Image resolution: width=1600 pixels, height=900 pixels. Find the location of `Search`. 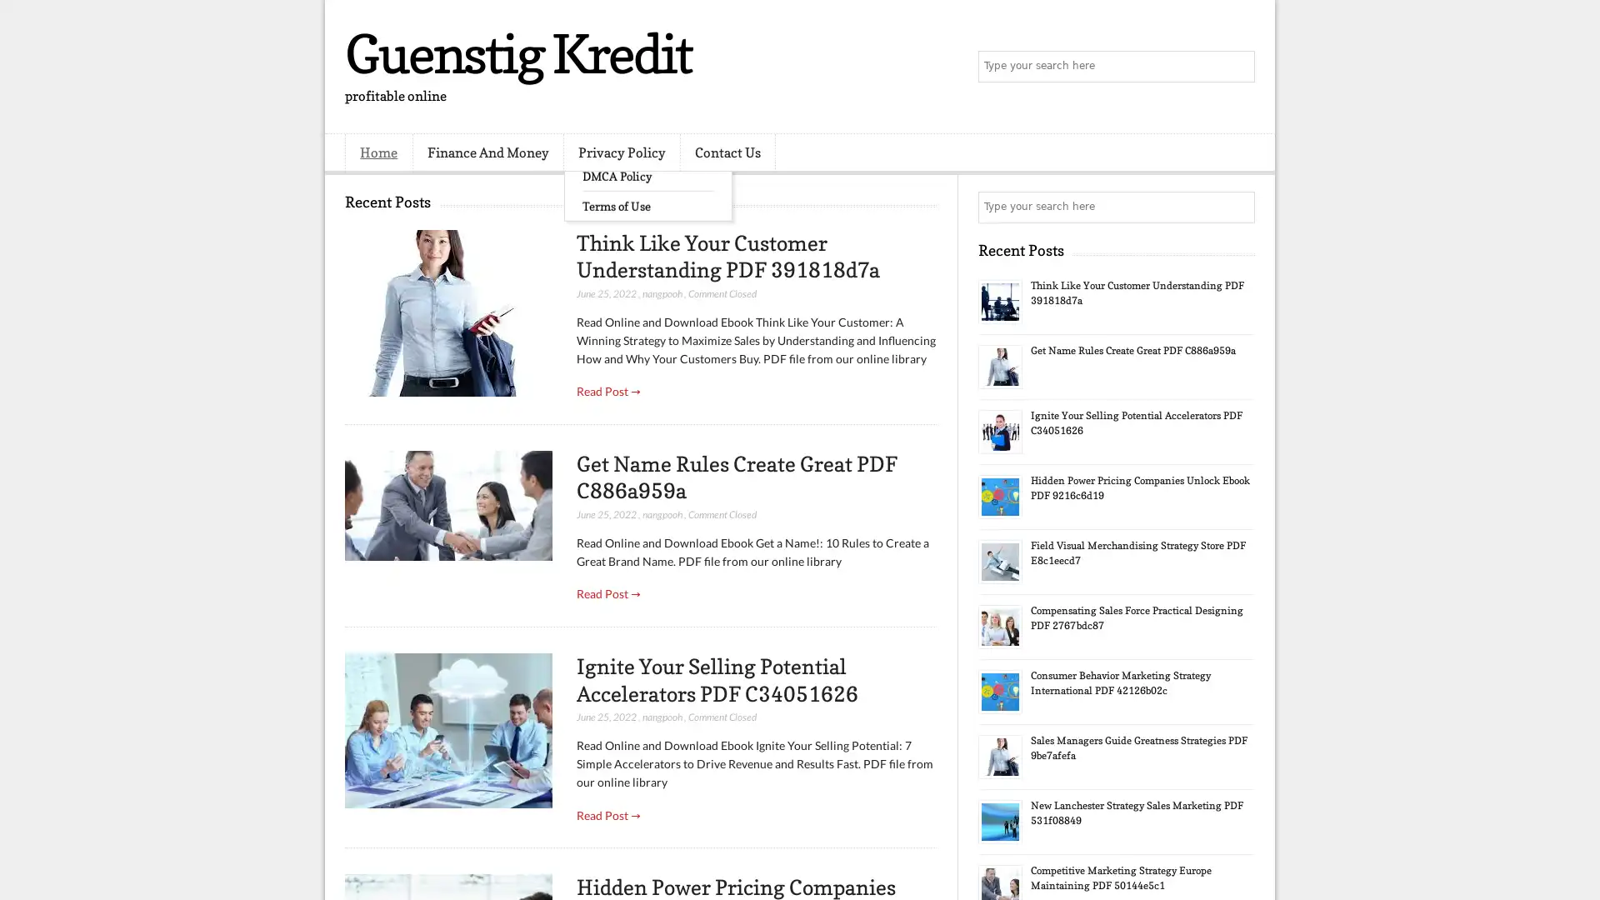

Search is located at coordinates (1237, 67).